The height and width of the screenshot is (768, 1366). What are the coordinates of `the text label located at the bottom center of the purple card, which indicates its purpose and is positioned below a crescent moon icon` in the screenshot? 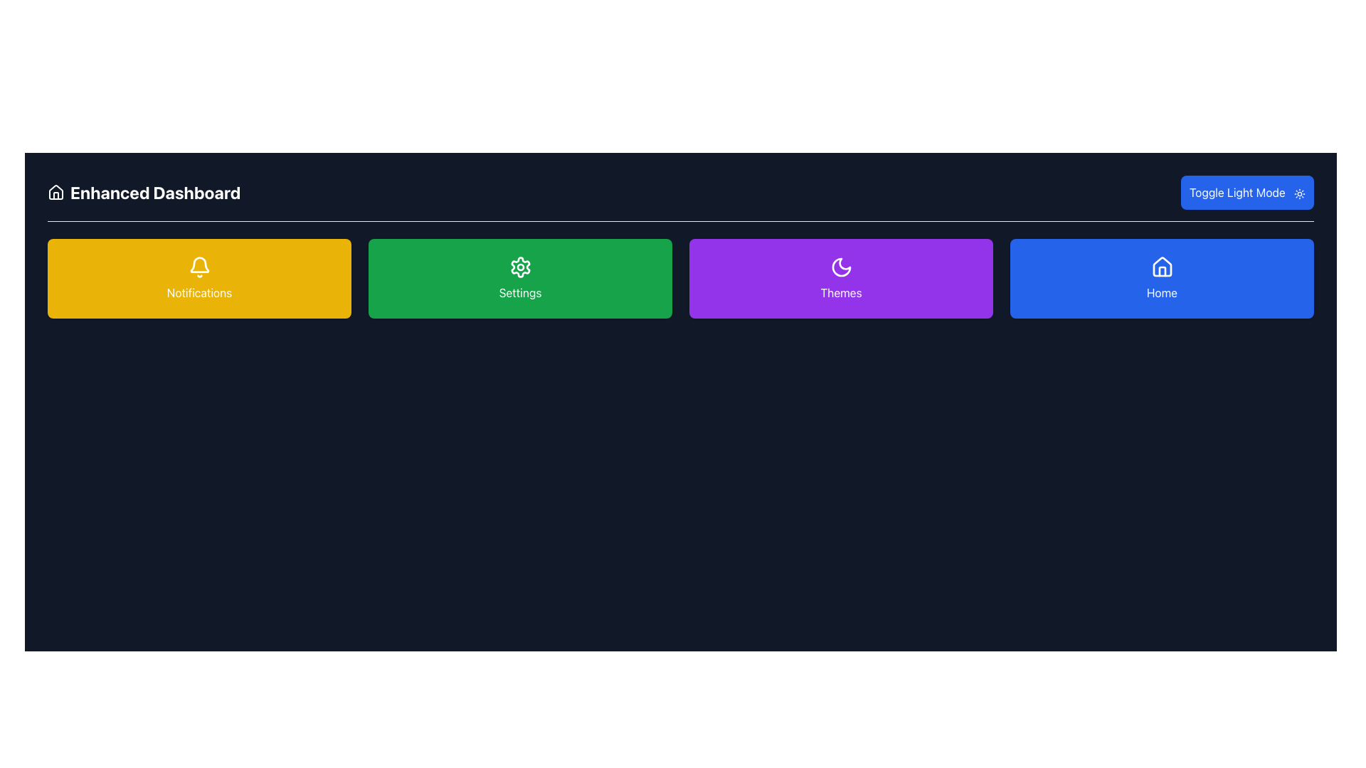 It's located at (841, 292).